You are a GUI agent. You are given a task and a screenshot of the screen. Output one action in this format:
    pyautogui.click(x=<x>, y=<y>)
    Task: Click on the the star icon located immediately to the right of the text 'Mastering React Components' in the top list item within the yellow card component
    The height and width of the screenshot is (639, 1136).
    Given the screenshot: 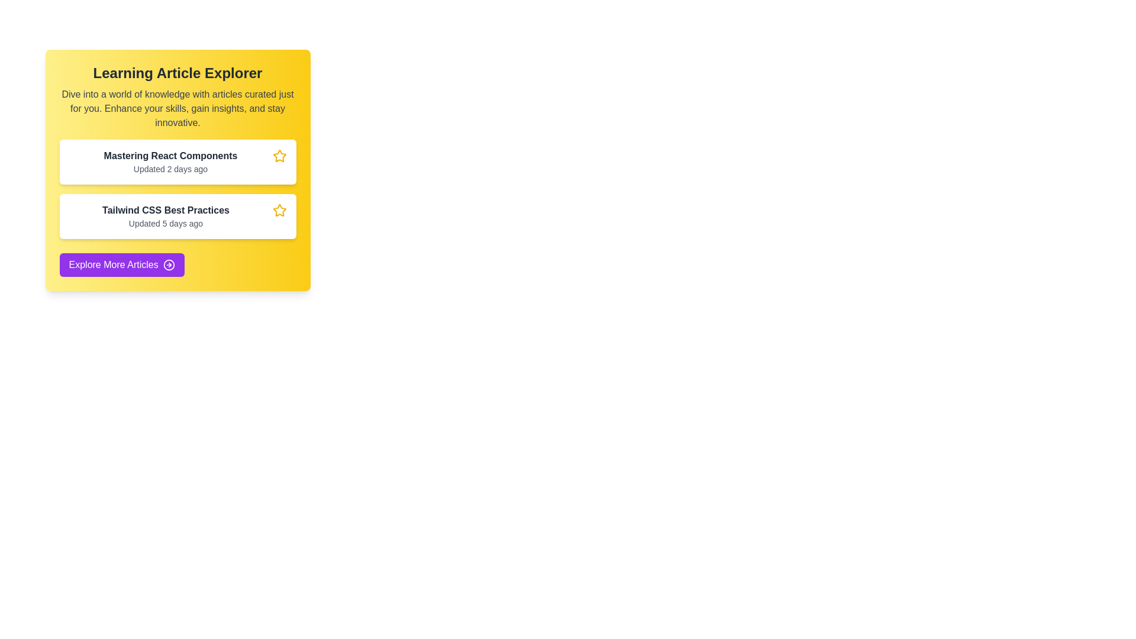 What is the action you would take?
    pyautogui.click(x=279, y=209)
    